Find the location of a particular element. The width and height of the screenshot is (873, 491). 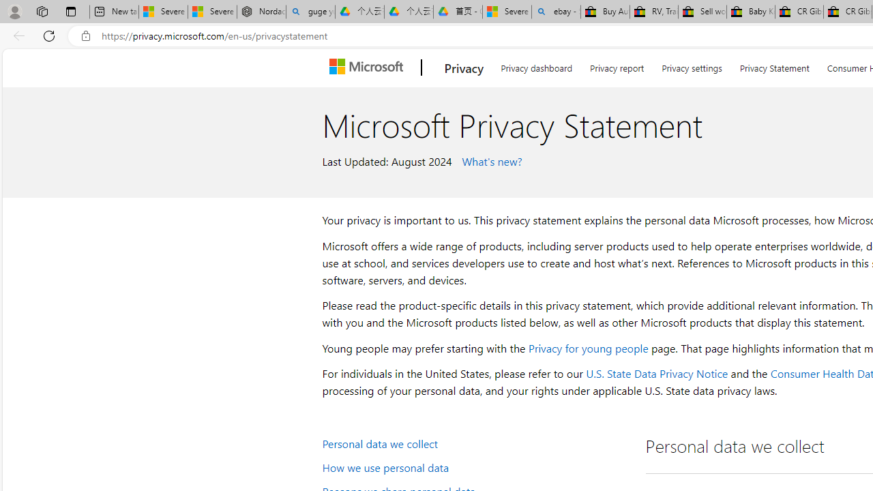

'Privacy settings' is located at coordinates (692, 65).